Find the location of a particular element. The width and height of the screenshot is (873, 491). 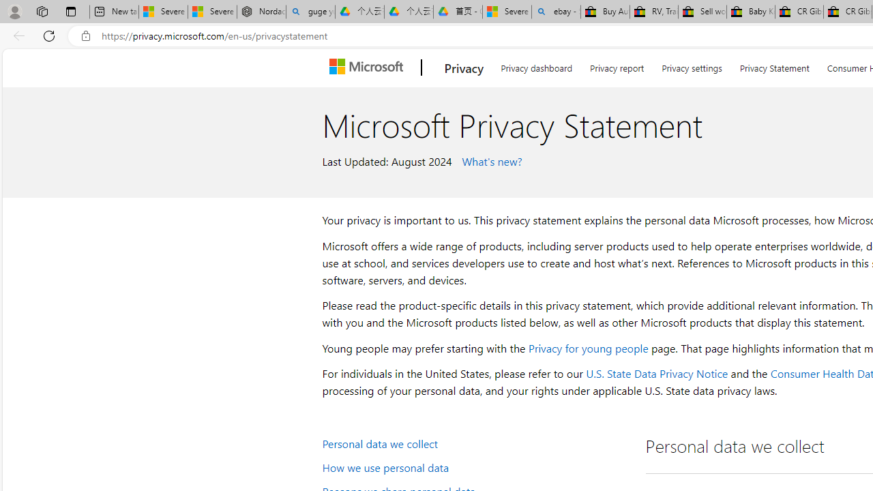

'Privacy settings' is located at coordinates (692, 65).